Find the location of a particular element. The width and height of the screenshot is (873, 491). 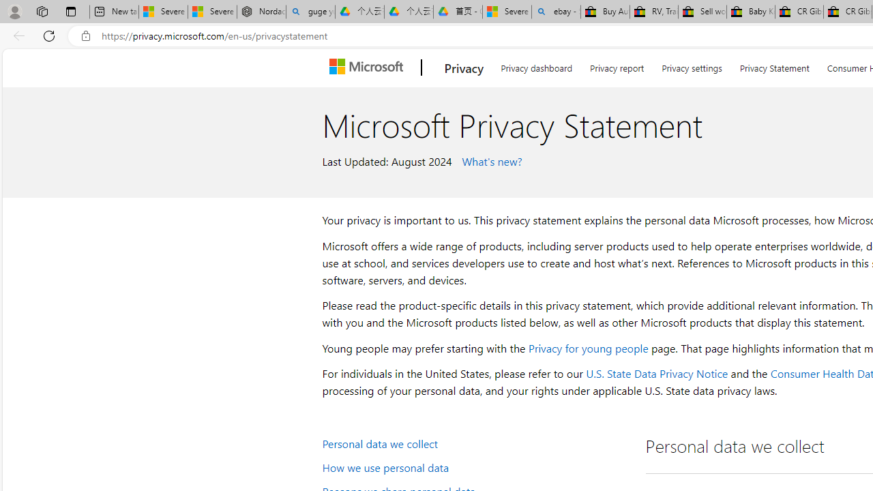

'Privacy settings' is located at coordinates (692, 65).